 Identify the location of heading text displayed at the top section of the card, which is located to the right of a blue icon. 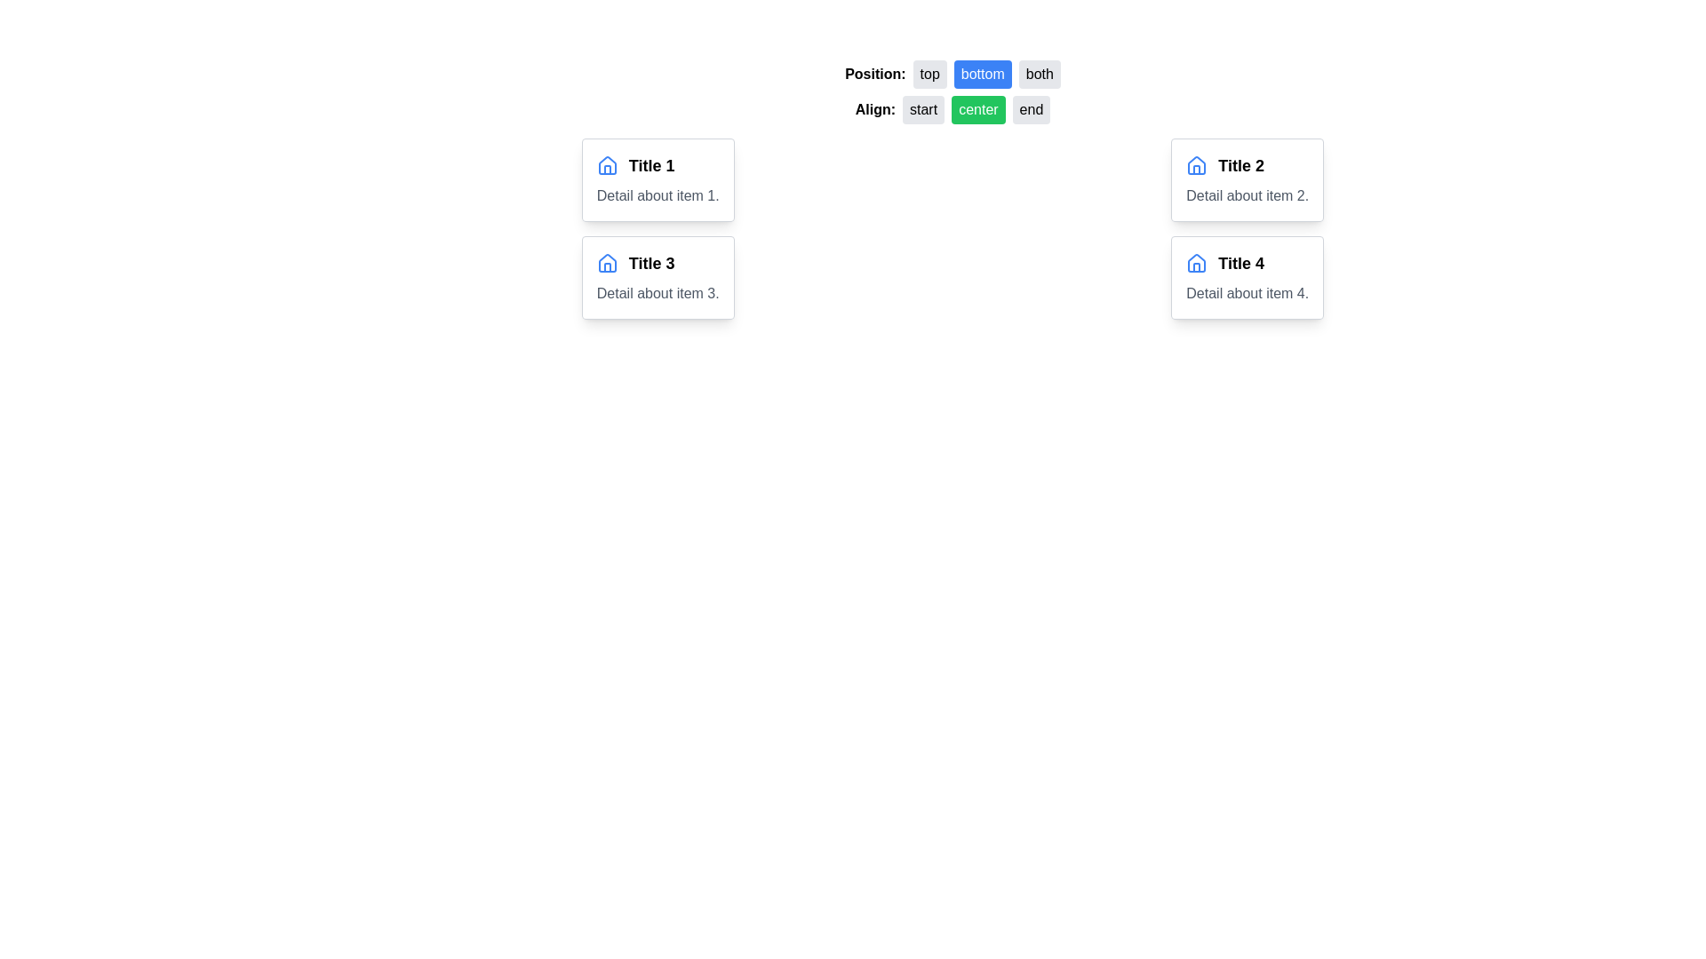
(657, 264).